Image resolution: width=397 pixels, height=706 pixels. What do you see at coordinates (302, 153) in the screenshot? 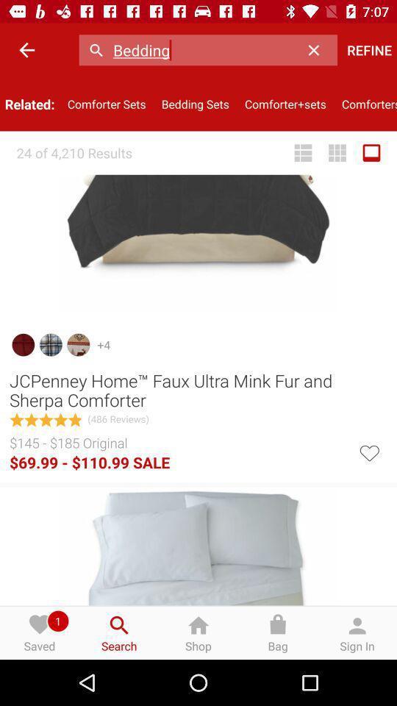
I see `item next to the 24 of 4` at bounding box center [302, 153].